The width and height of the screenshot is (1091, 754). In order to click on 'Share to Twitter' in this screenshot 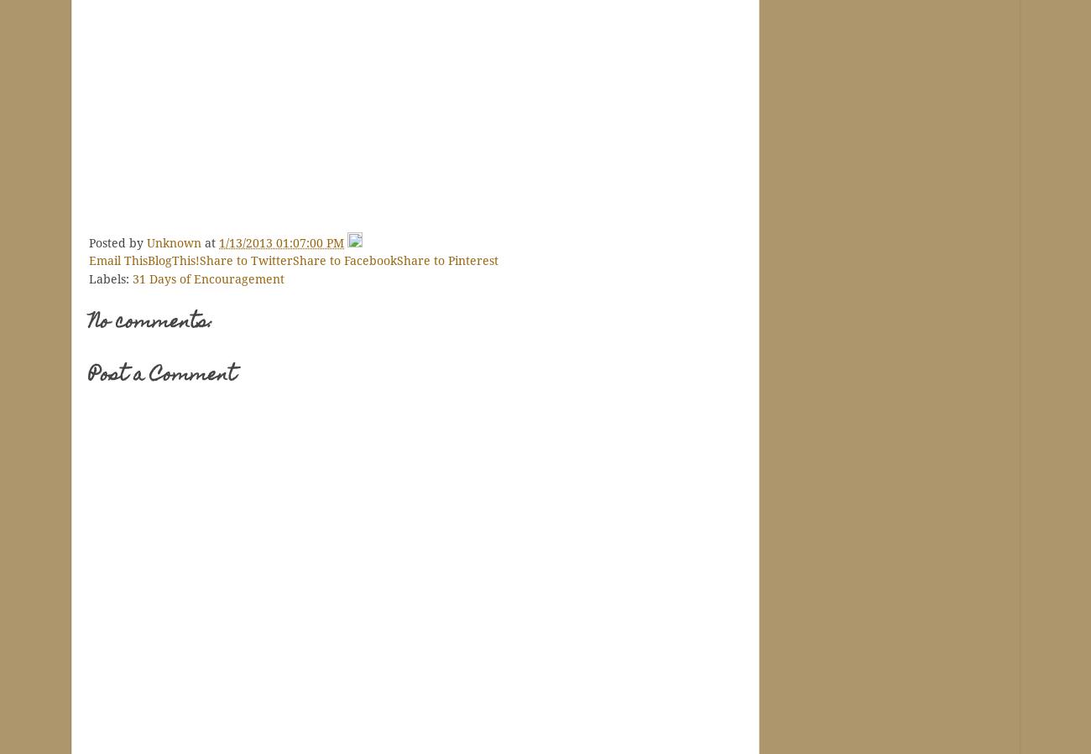, I will do `click(246, 259)`.